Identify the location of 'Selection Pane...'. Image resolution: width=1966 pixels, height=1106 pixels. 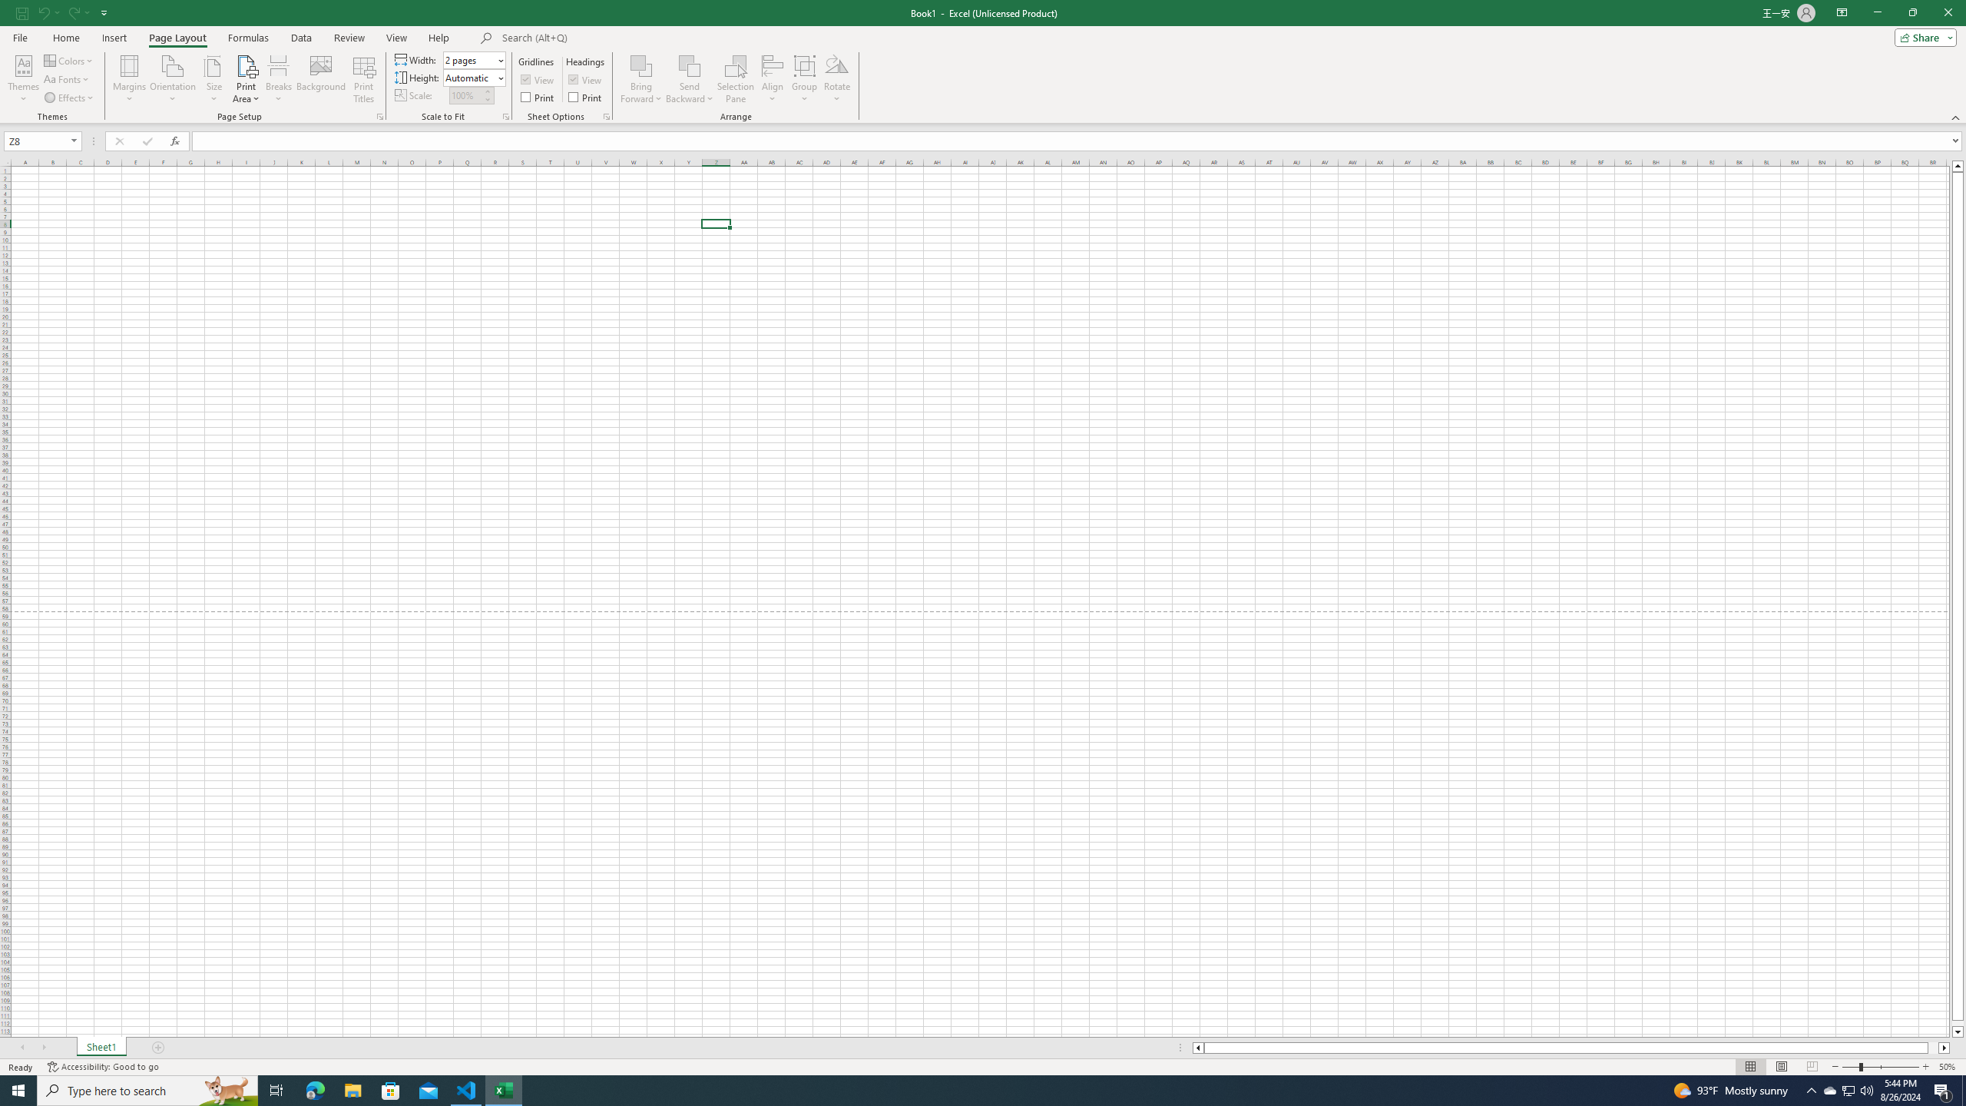
(735, 79).